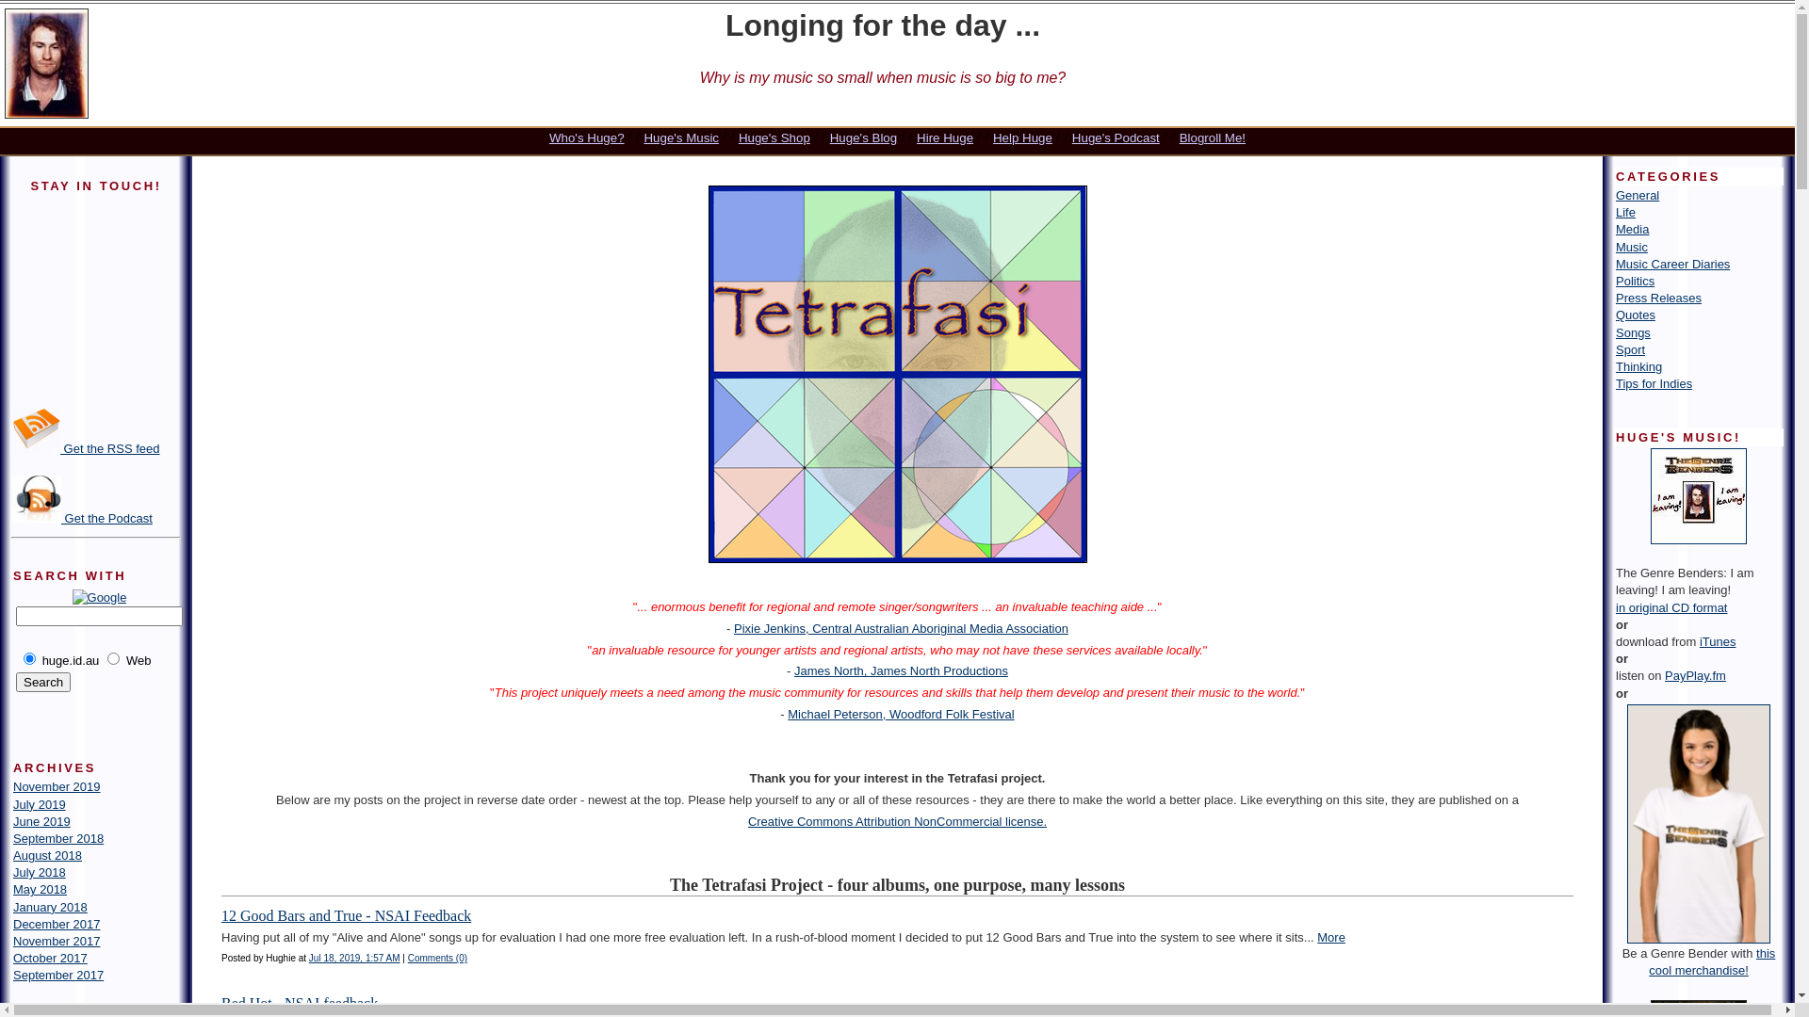  I want to click on 'September 2017', so click(58, 975).